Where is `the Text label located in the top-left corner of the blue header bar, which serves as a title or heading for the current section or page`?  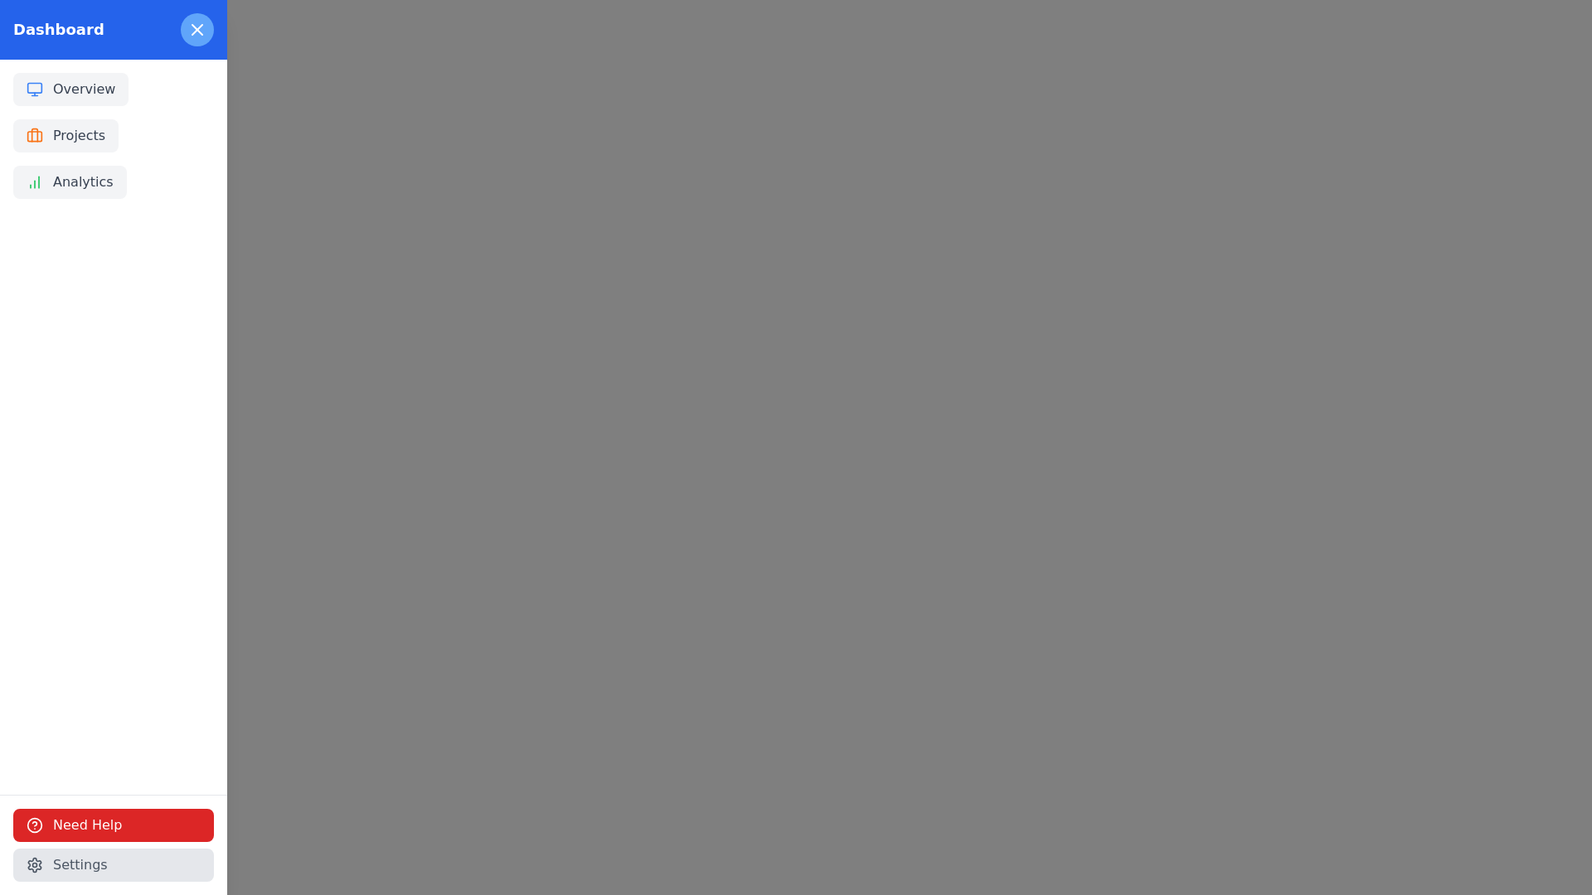
the Text label located in the top-left corner of the blue header bar, which serves as a title or heading for the current section or page is located at coordinates (58, 29).